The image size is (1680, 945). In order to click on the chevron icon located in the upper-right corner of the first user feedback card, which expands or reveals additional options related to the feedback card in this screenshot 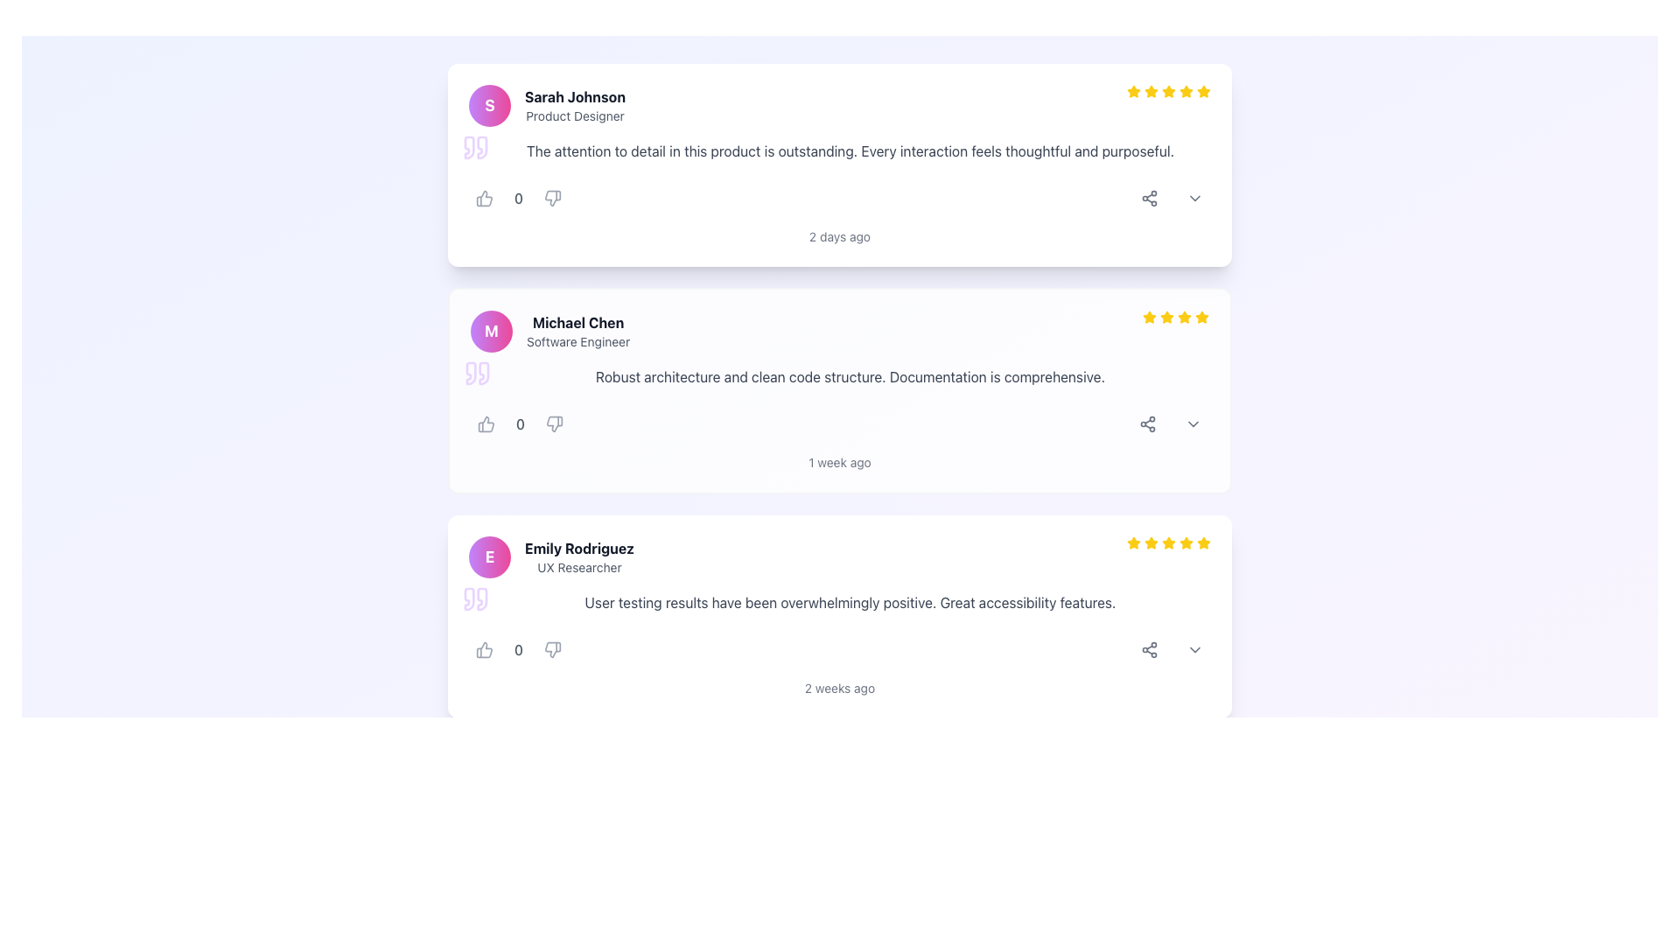, I will do `click(1194, 198)`.